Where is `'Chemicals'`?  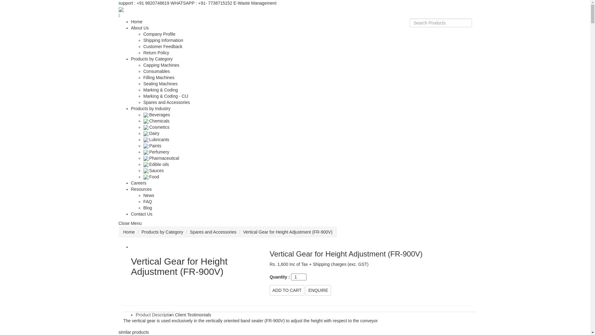 'Chemicals' is located at coordinates (156, 121).